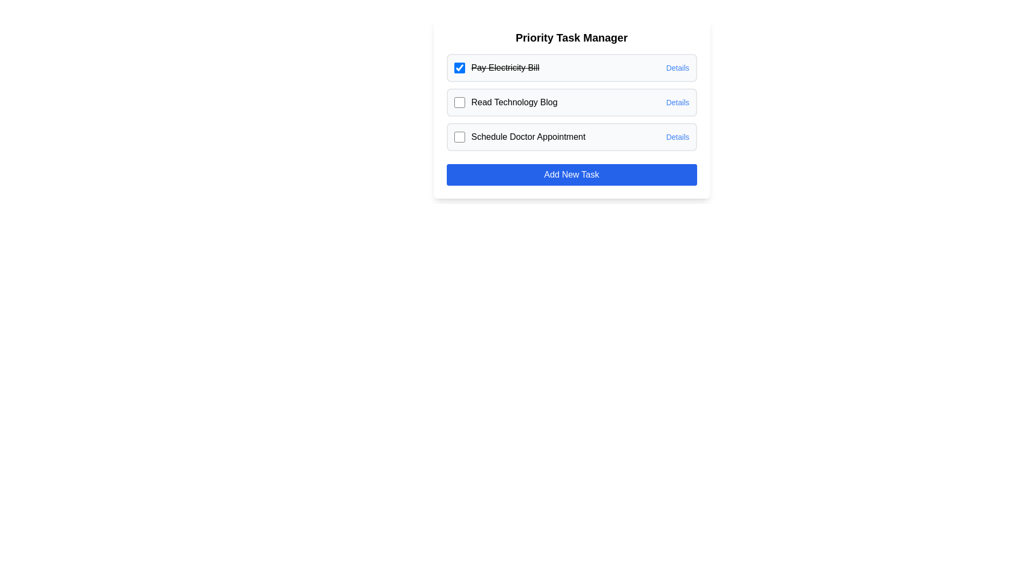 This screenshot has height=583, width=1036. Describe the element at coordinates (677, 68) in the screenshot. I see `the 'Details' link for the task 'Pay Electricity Bill'` at that location.